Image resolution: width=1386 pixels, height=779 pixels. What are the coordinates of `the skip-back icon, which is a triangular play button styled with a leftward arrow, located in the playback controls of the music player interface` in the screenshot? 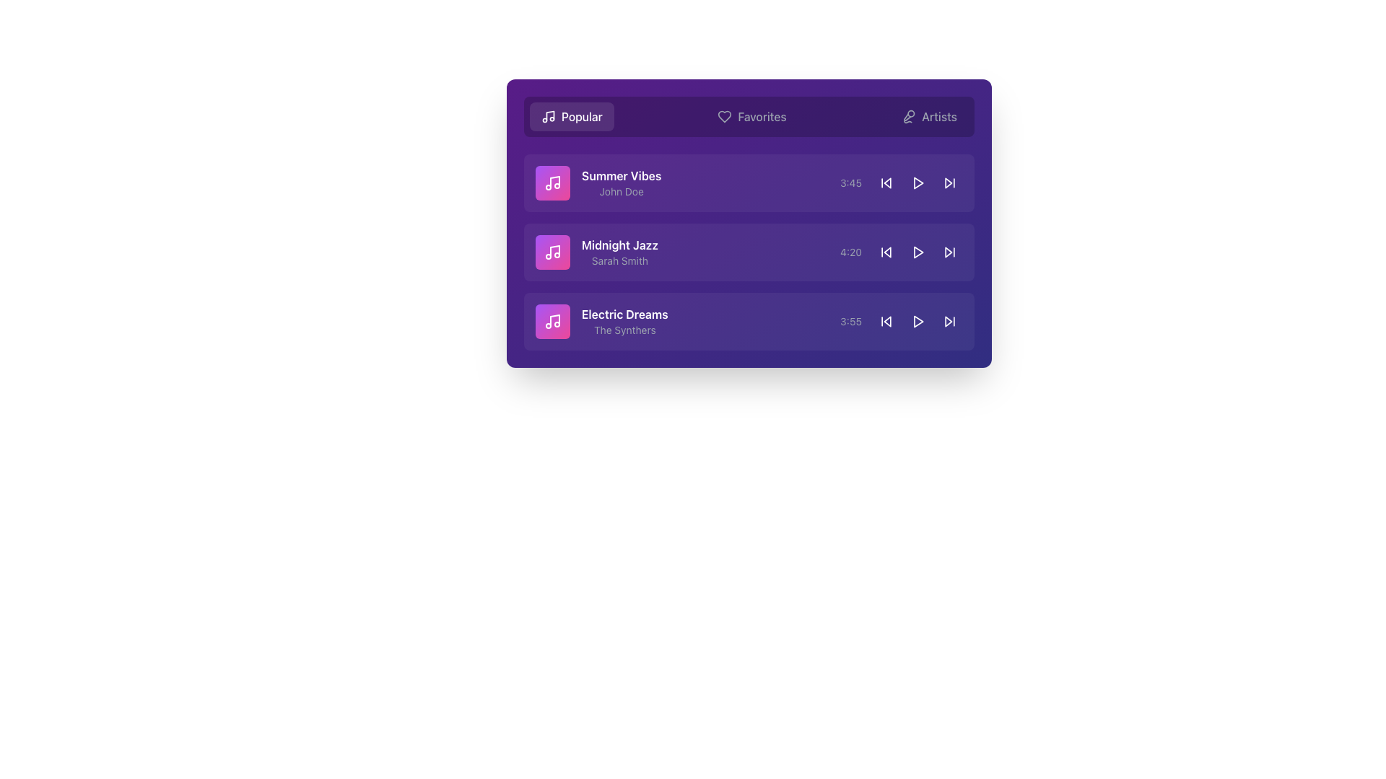 It's located at (886, 182).